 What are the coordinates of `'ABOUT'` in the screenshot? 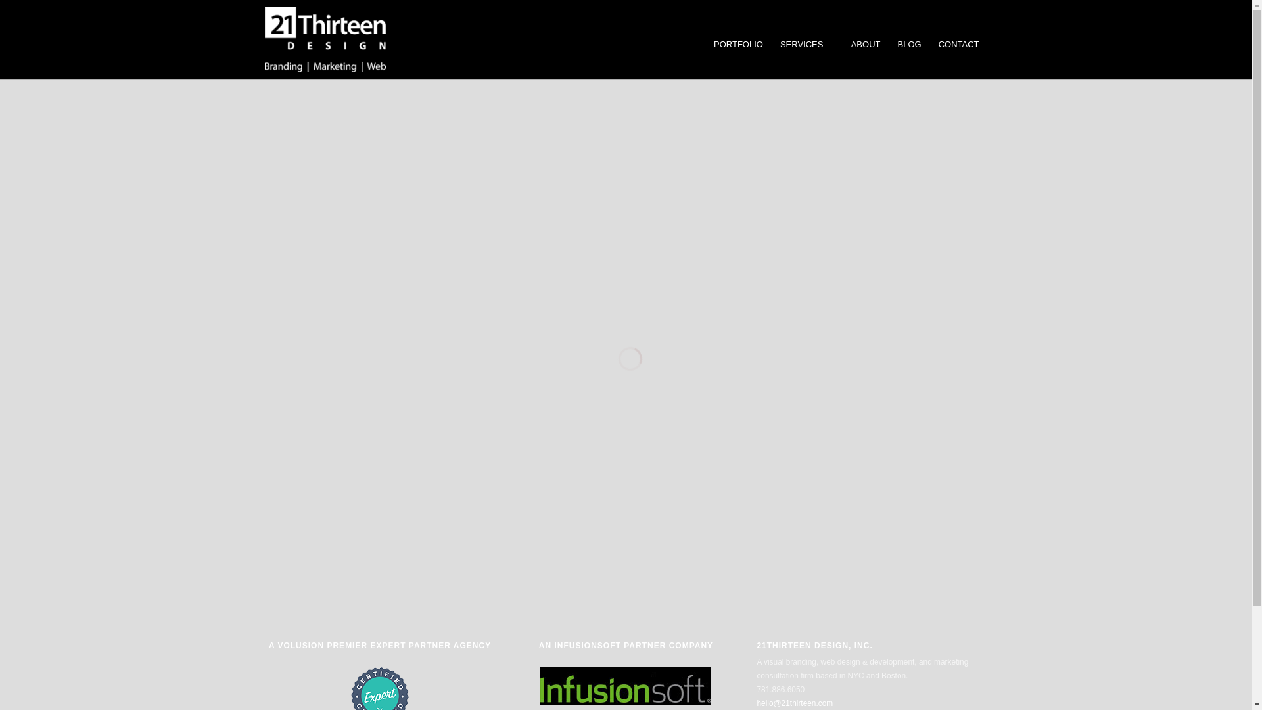 It's located at (866, 44).